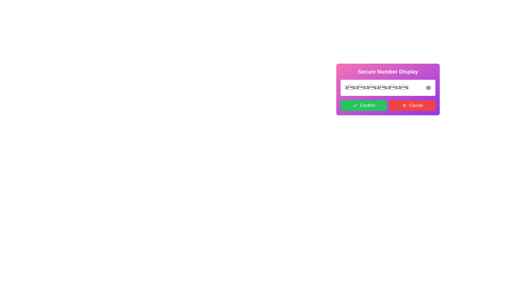 The height and width of the screenshot is (290, 517). What do you see at coordinates (355, 105) in the screenshot?
I see `the confirmation icon located inside the green 'Confirm' button, next to the text label 'Confirm'` at bounding box center [355, 105].